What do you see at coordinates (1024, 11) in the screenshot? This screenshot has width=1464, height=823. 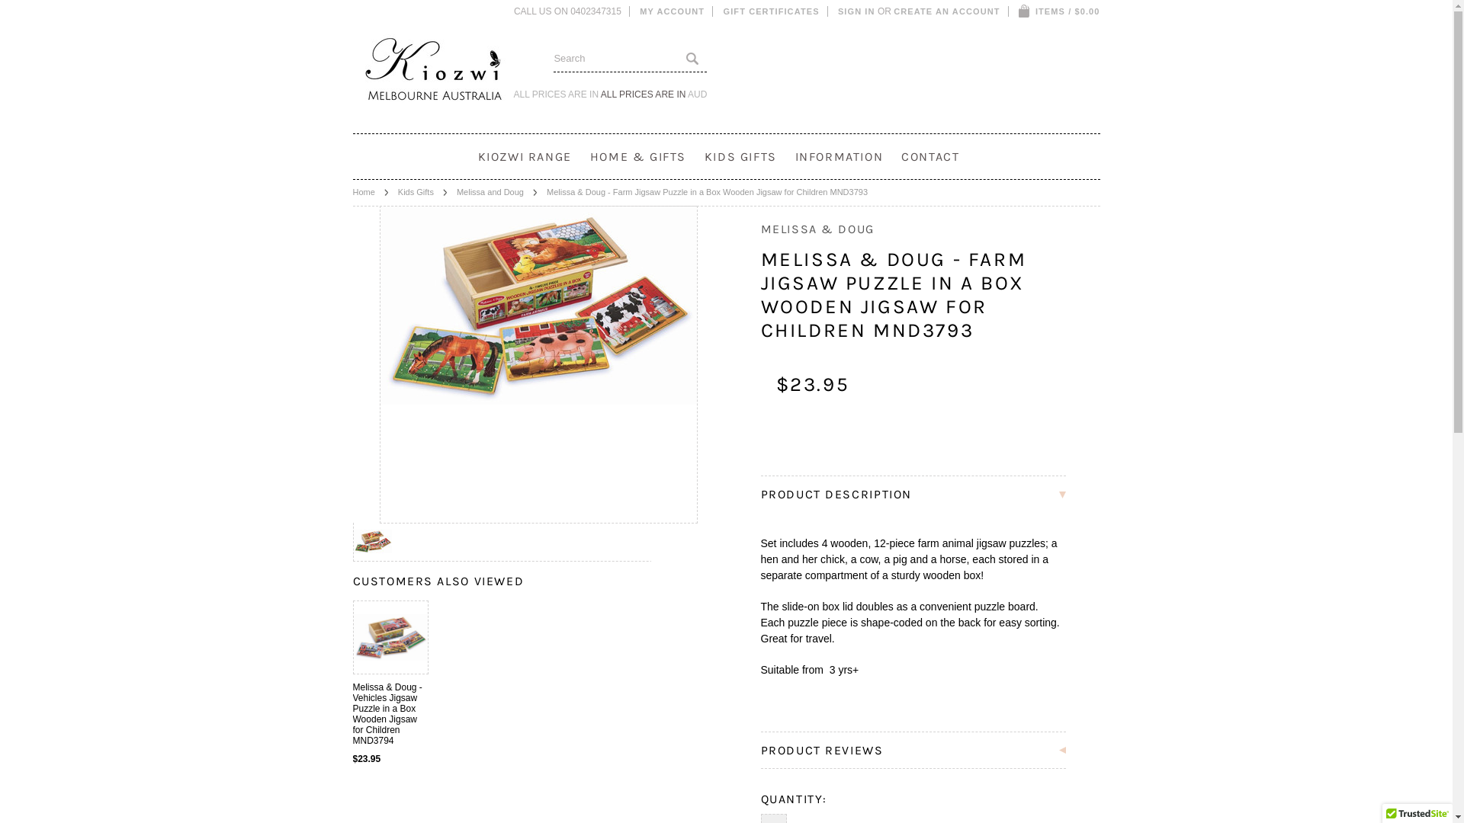 I see `'View Cart'` at bounding box center [1024, 11].